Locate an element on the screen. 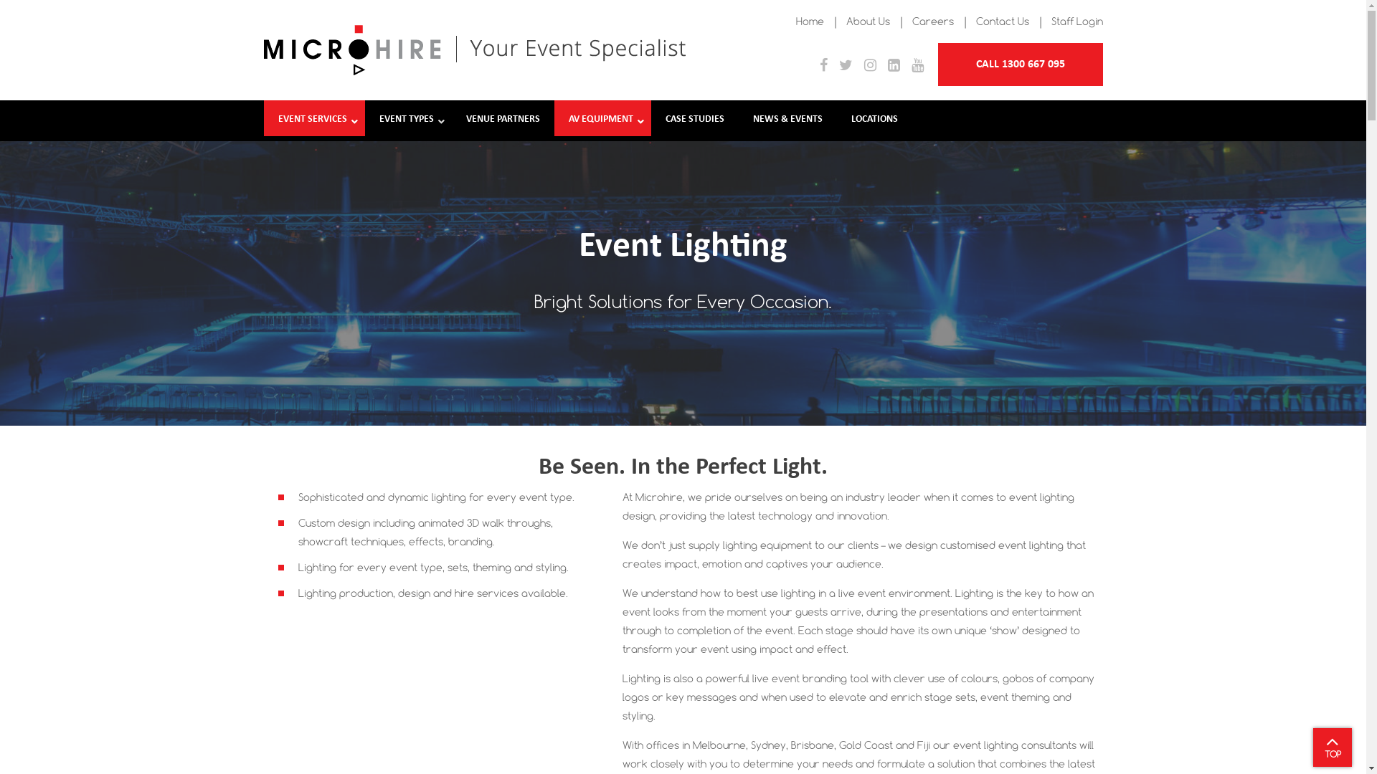 This screenshot has width=1377, height=774. 'About Us' is located at coordinates (867, 21).